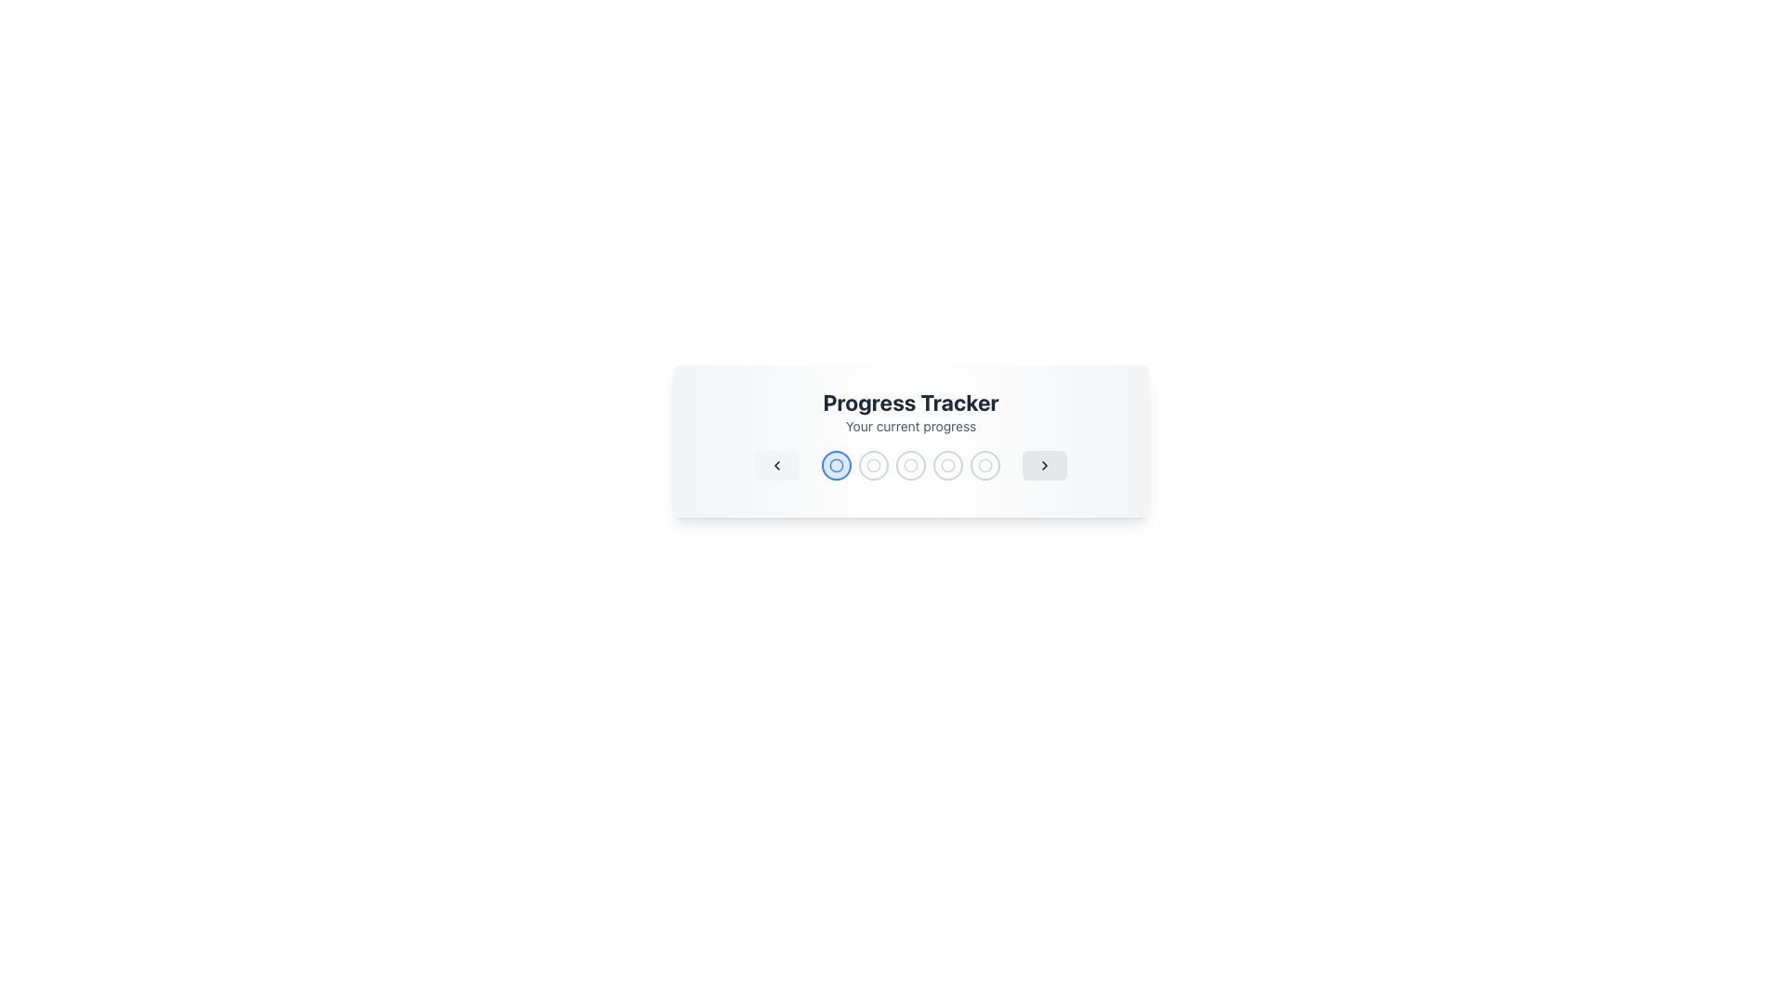 The height and width of the screenshot is (1004, 1785). Describe the element at coordinates (1044, 465) in the screenshot. I see `the button with a rounded rectangular shape and a right-pointing chevron icon to activate keyboard navigation` at that location.